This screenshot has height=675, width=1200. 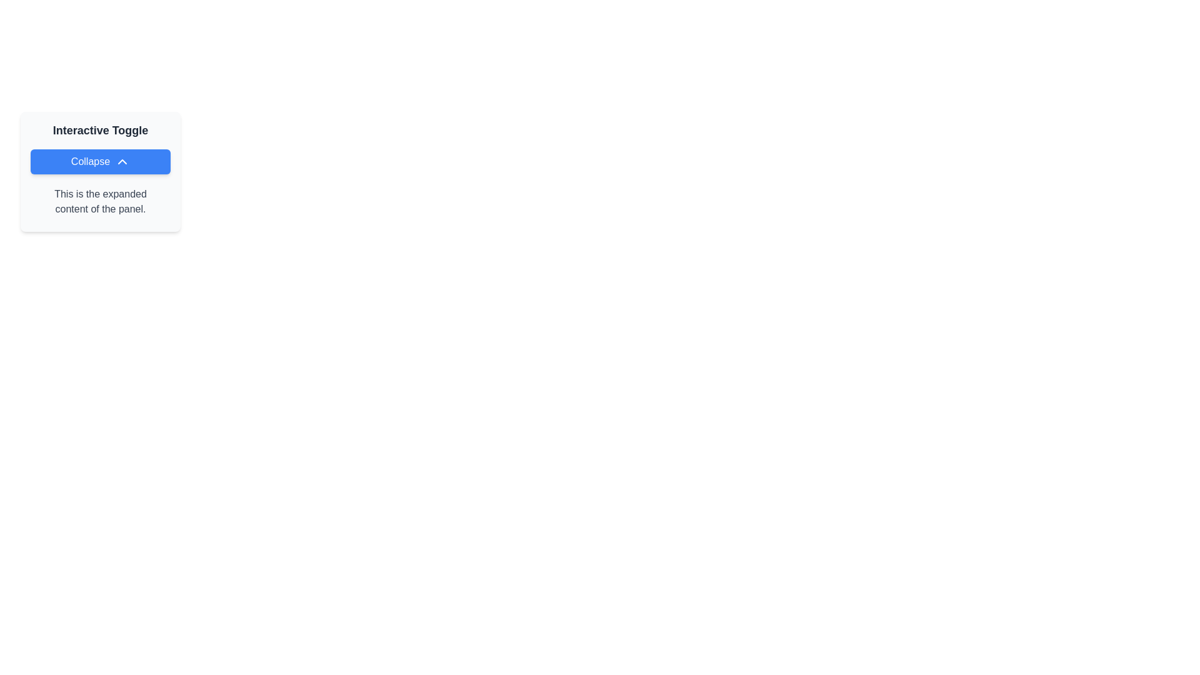 I want to click on the upward-facing chevron icon located inside the 'Collapse' button, which signifies the action of collapsing or hiding additional content, so click(x=122, y=161).